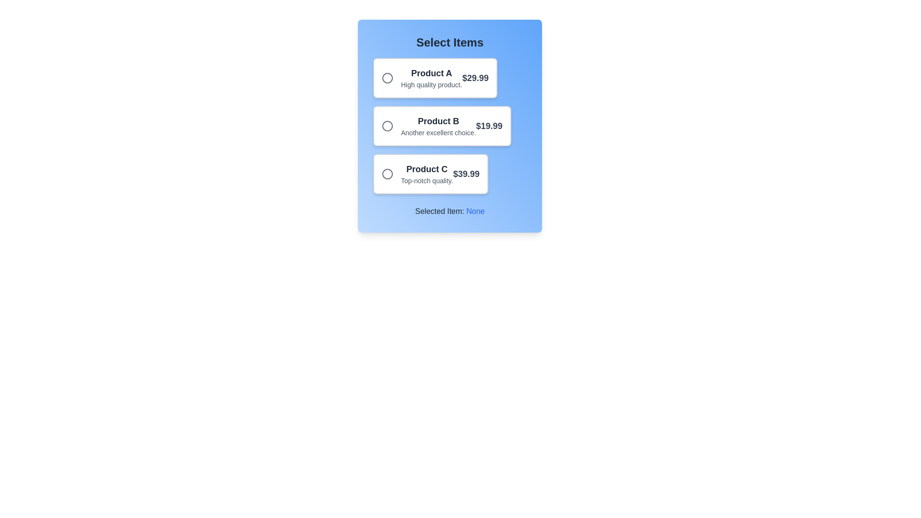 The image size is (921, 518). I want to click on the radio button for 'Product B', so click(391, 125).